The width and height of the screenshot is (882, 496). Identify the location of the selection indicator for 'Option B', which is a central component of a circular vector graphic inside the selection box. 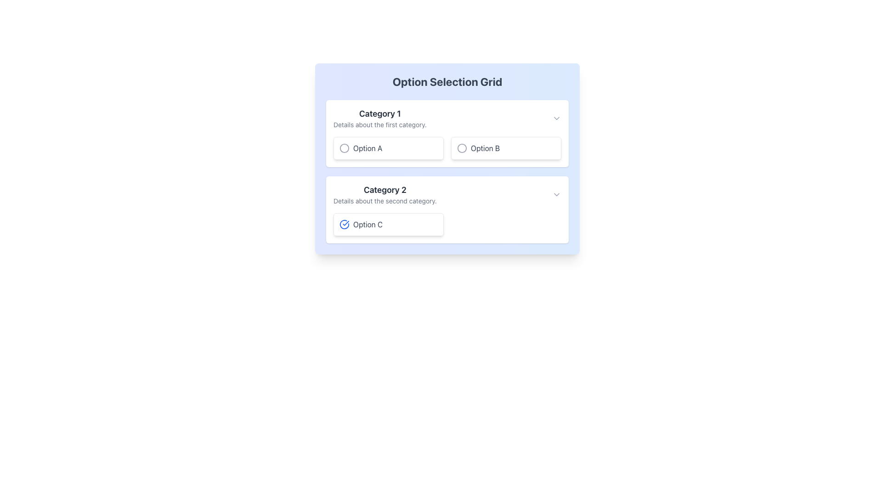
(462, 148).